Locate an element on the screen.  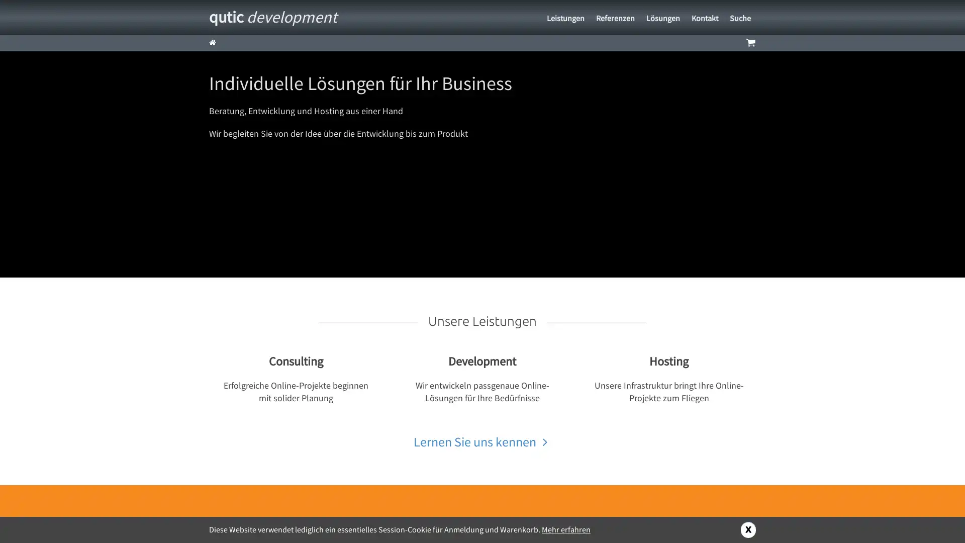
Hinweis ausblenden is located at coordinates (748, 529).